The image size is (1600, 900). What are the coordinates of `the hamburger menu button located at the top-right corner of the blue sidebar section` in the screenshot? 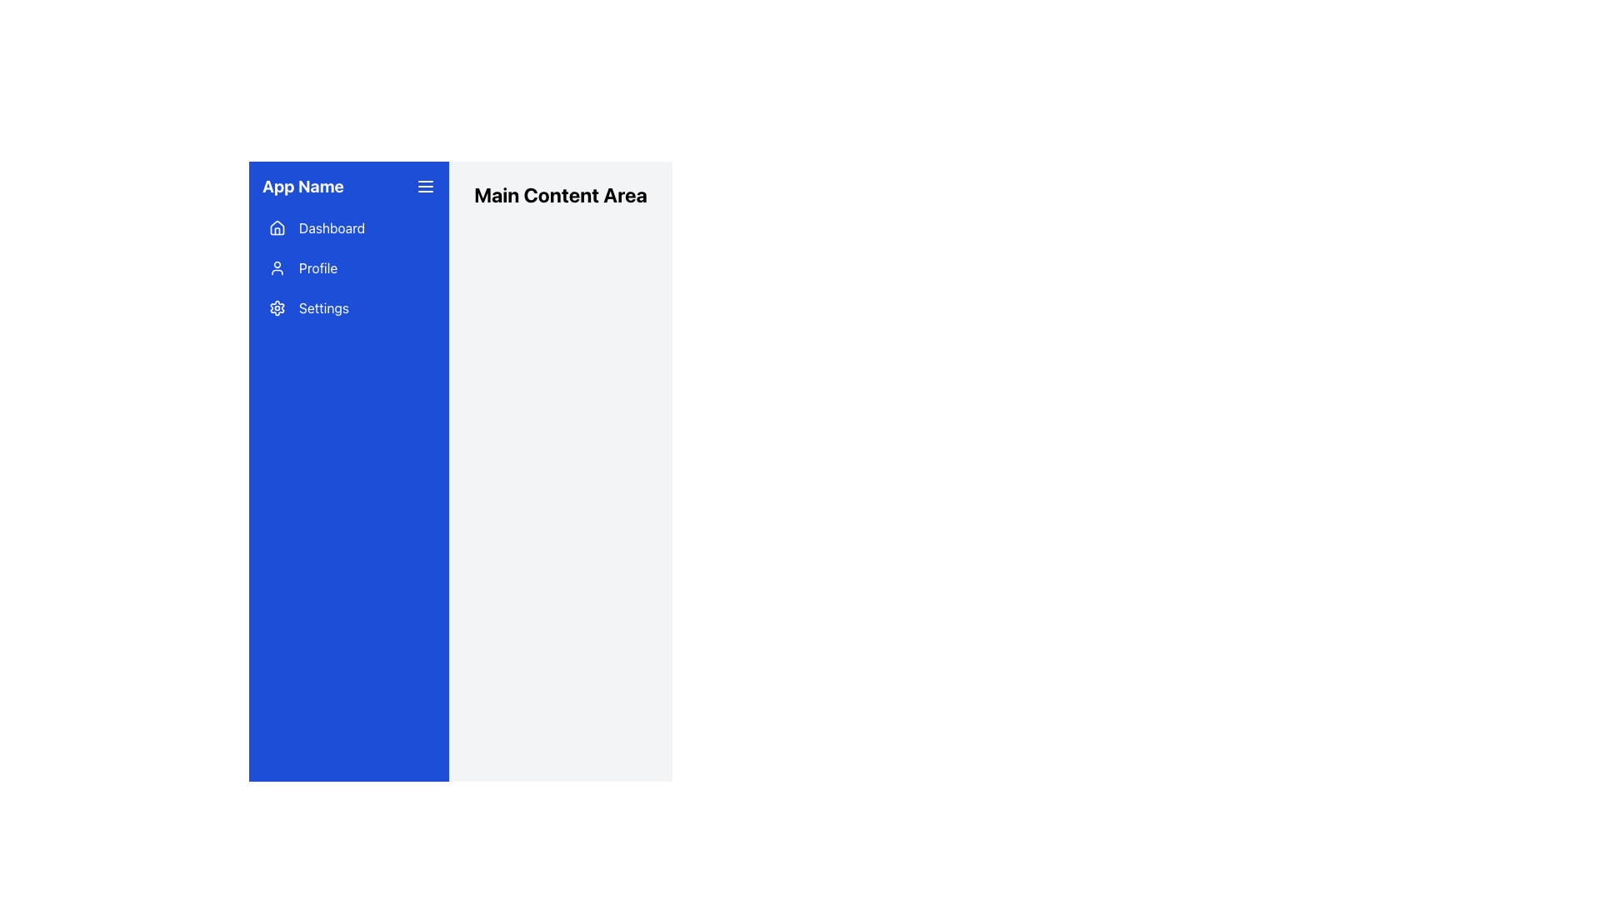 It's located at (425, 186).